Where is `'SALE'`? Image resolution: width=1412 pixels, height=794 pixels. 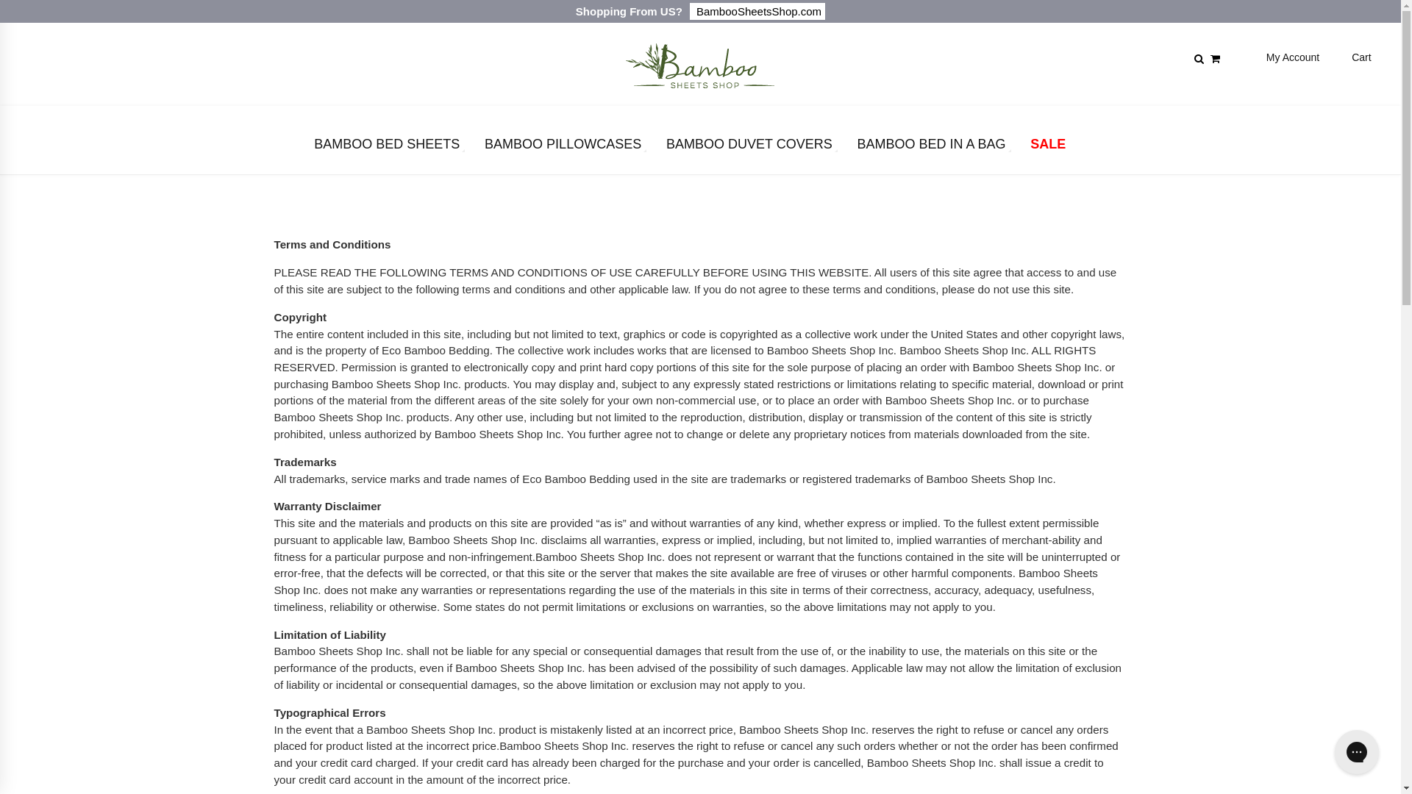 'SALE' is located at coordinates (1047, 147).